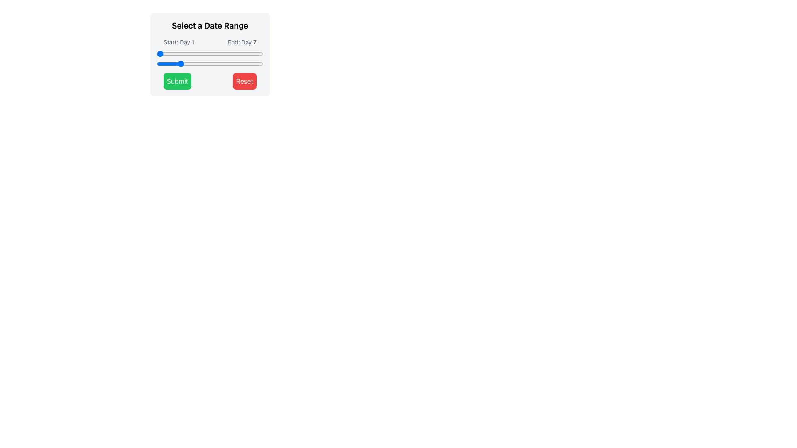  I want to click on the slider, so click(255, 63).